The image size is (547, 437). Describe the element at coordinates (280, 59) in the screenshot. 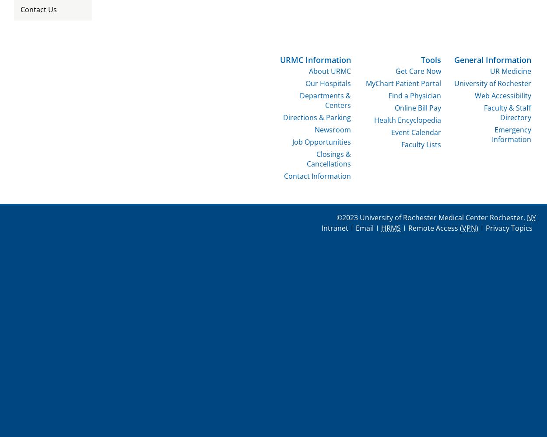

I see `'URMC Information'` at that location.